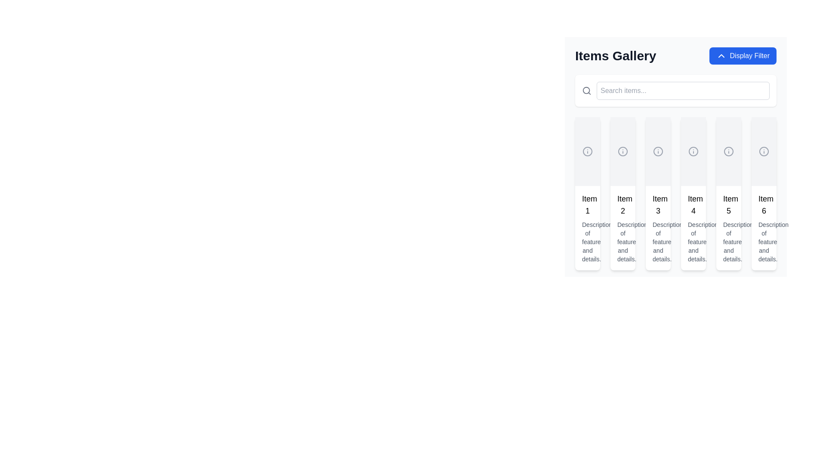 The height and width of the screenshot is (465, 826). What do you see at coordinates (721, 56) in the screenshot?
I see `the upward chevron-shaped arrow icon located inside the blue 'Display Filter' button in the top right corner of the interface` at bounding box center [721, 56].